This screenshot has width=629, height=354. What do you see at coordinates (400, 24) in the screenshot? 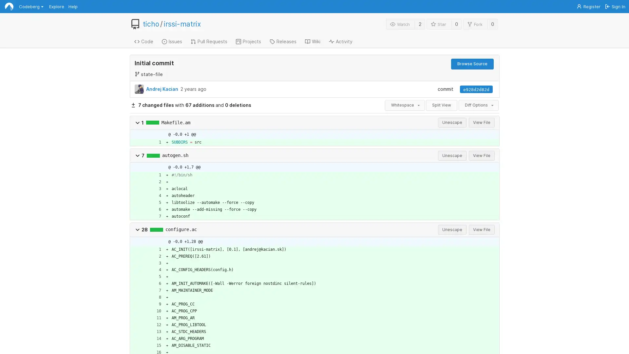
I see `Watch` at bounding box center [400, 24].